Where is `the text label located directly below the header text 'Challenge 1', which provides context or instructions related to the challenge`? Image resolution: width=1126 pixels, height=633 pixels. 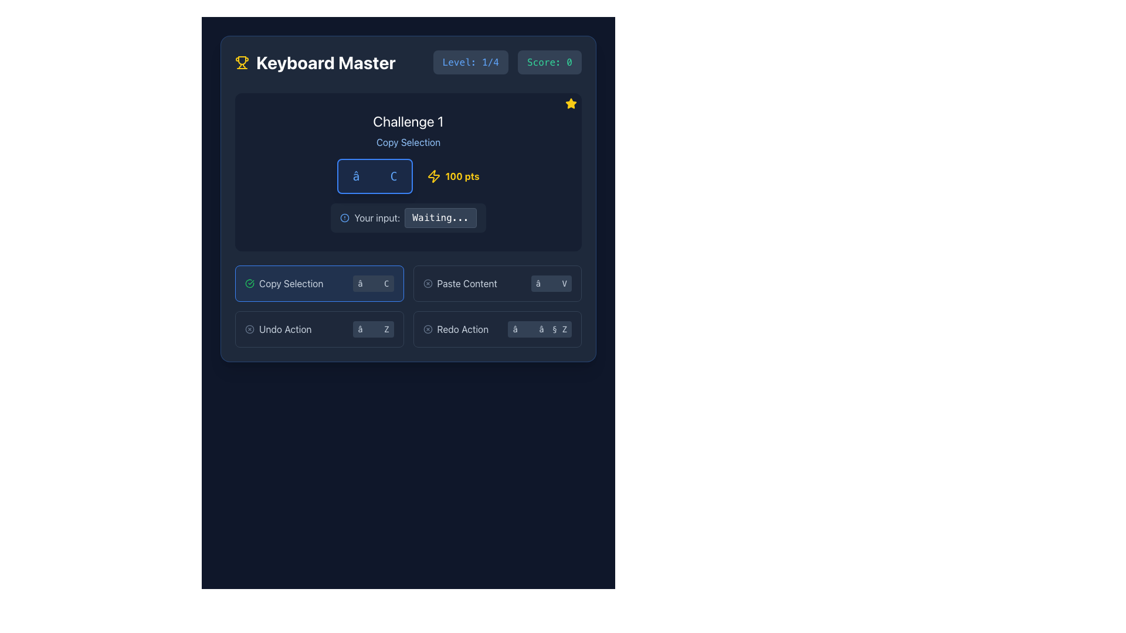
the text label located directly below the header text 'Challenge 1', which provides context or instructions related to the challenge is located at coordinates (408, 142).